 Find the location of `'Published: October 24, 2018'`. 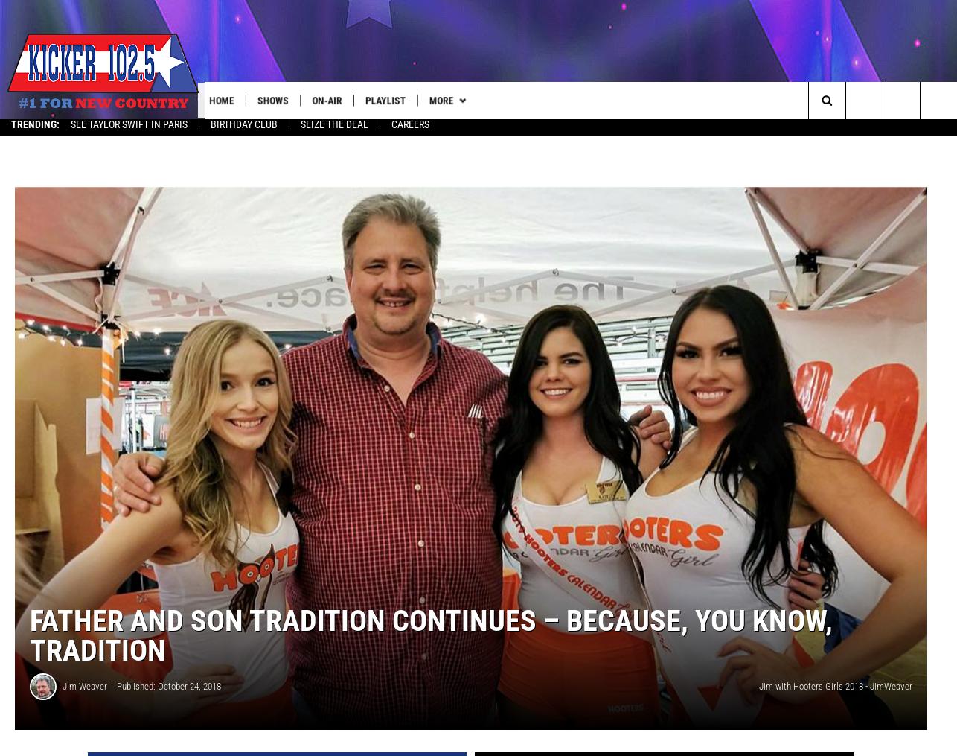

'Published: October 24, 2018' is located at coordinates (168, 692).